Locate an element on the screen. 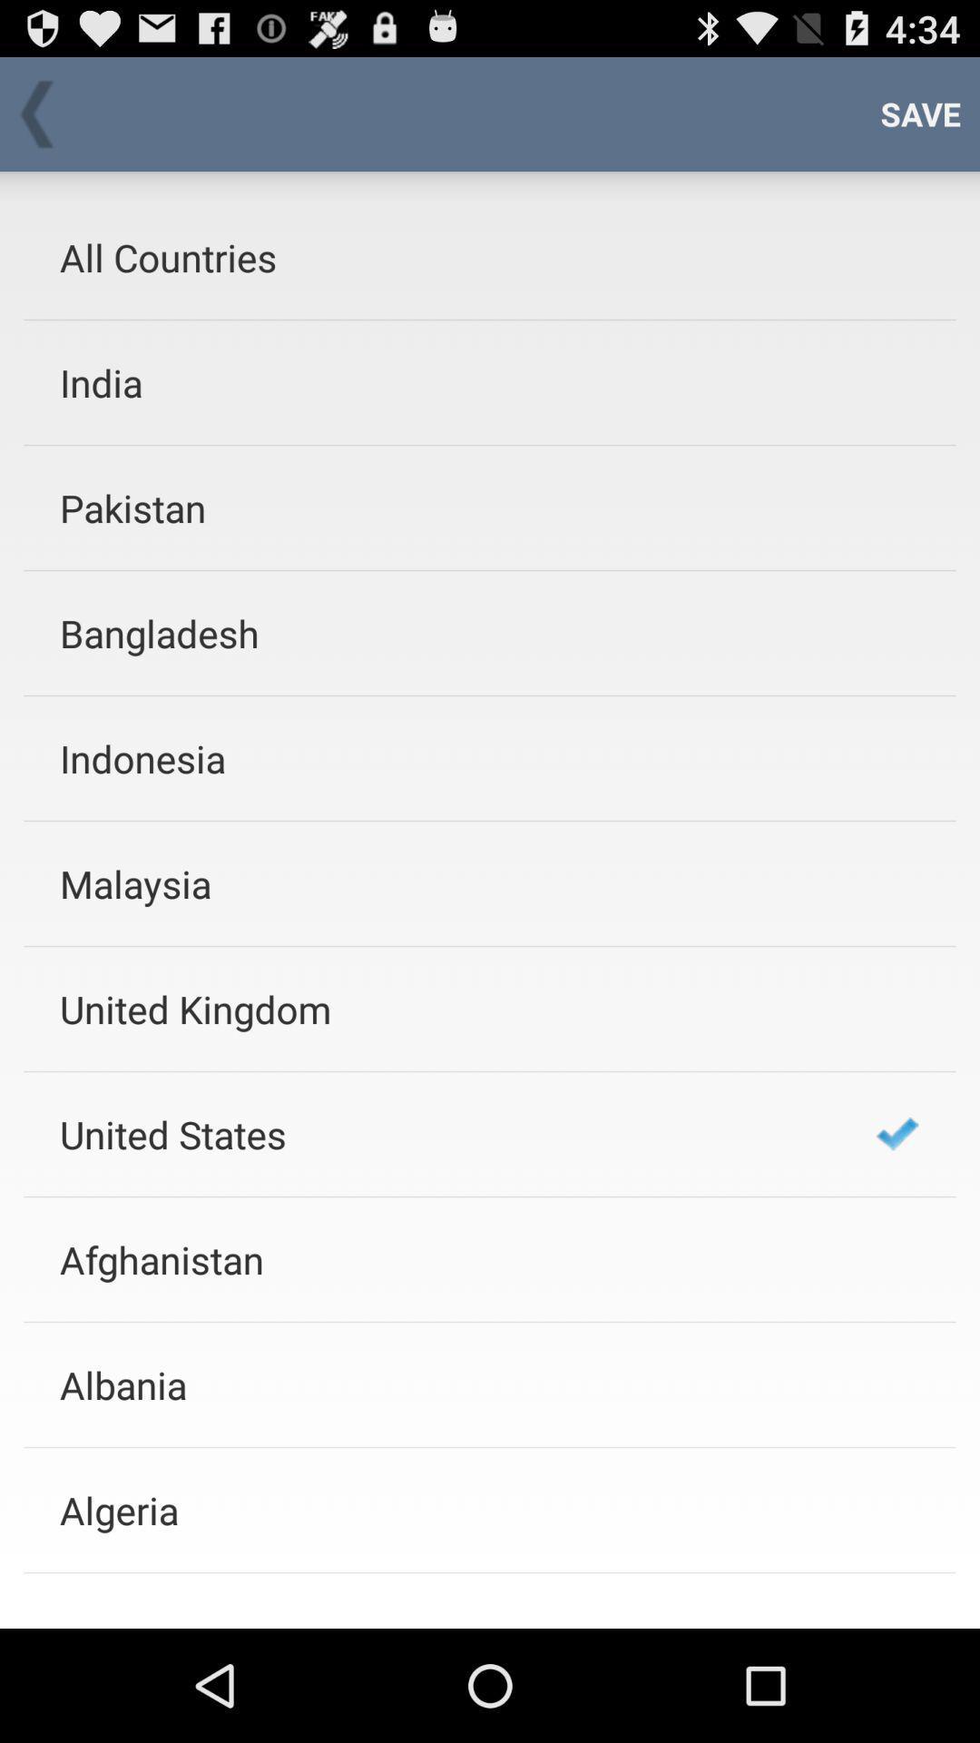 The image size is (980, 1743). united kingdom icon is located at coordinates (444, 1008).